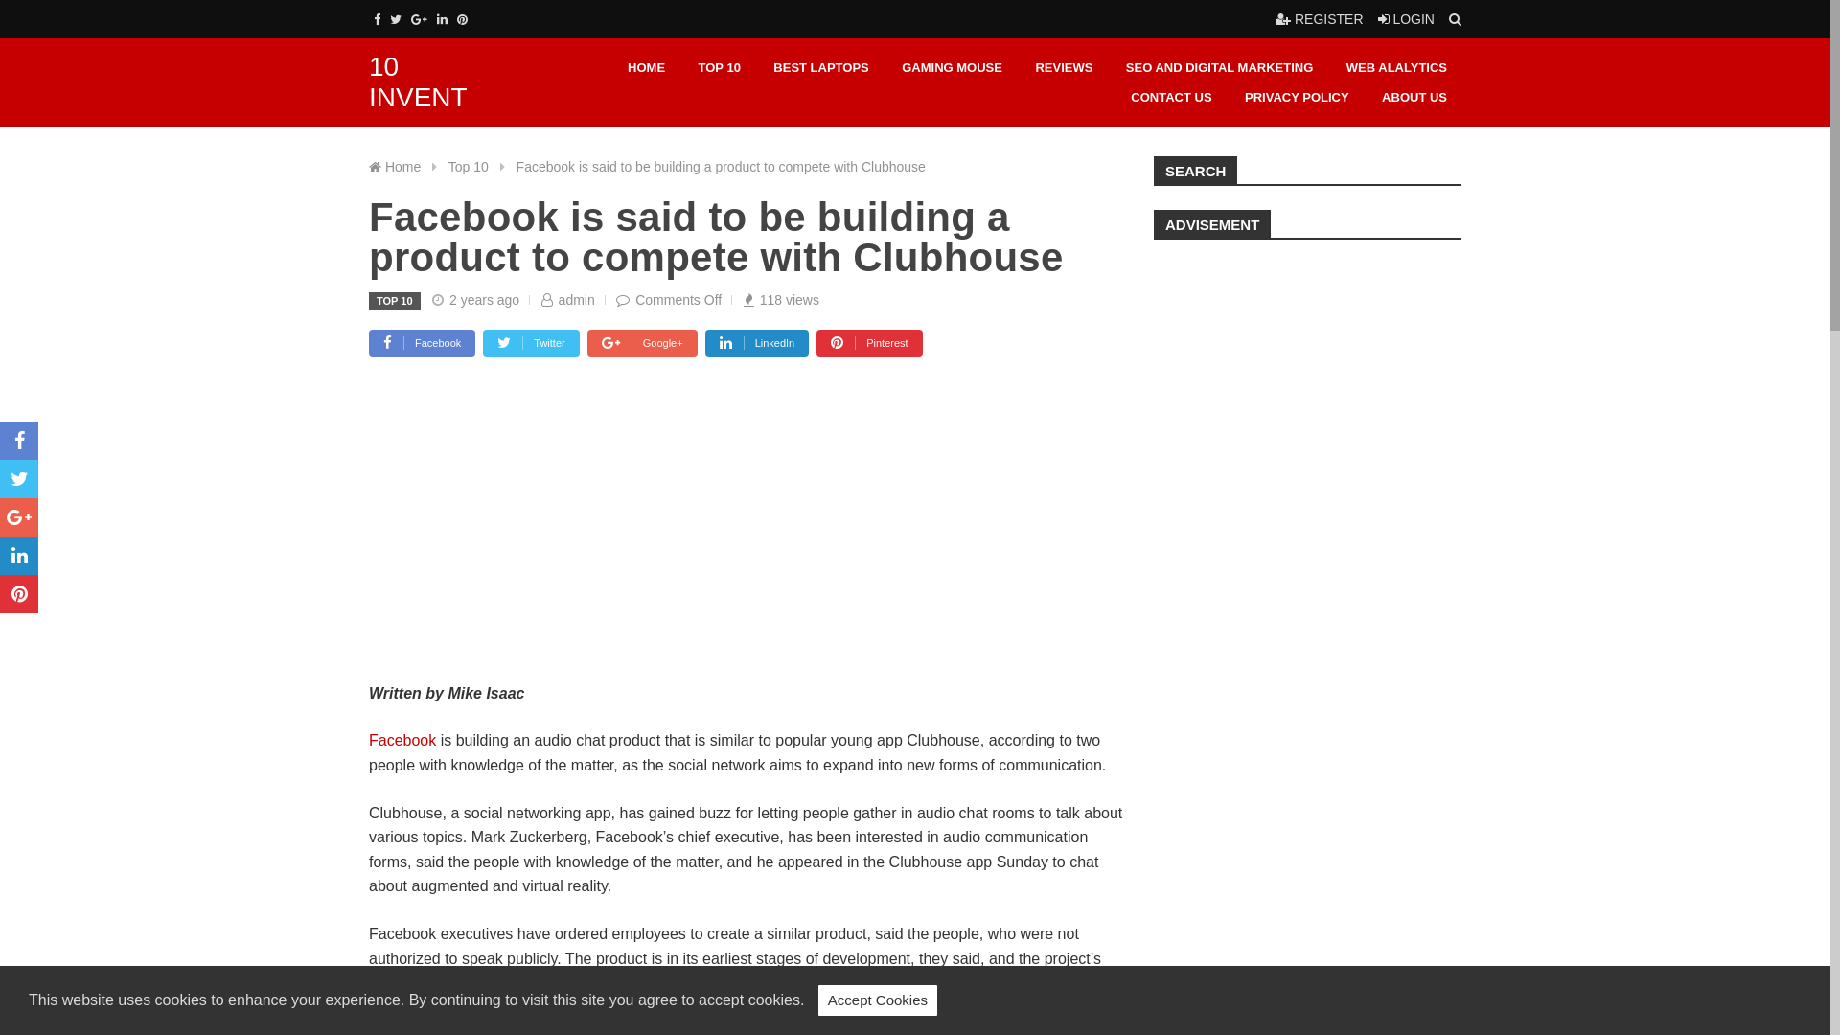 Image resolution: width=1840 pixels, height=1035 pixels. What do you see at coordinates (1396, 67) in the screenshot?
I see `'WEB ALALYTICS'` at bounding box center [1396, 67].